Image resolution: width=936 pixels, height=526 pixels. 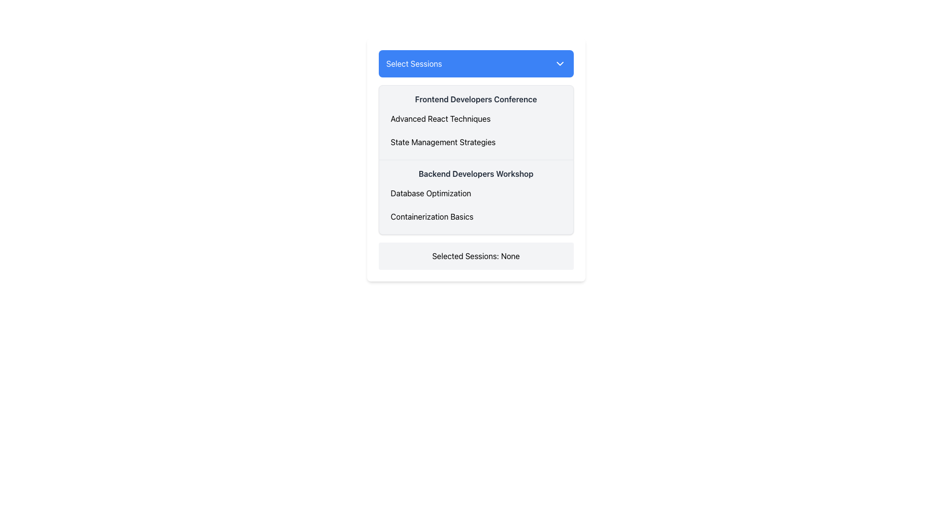 What do you see at coordinates (476, 99) in the screenshot?
I see `the first static text label representing a session or topic, located directly below the 'Select Sessions' dropdown menu` at bounding box center [476, 99].